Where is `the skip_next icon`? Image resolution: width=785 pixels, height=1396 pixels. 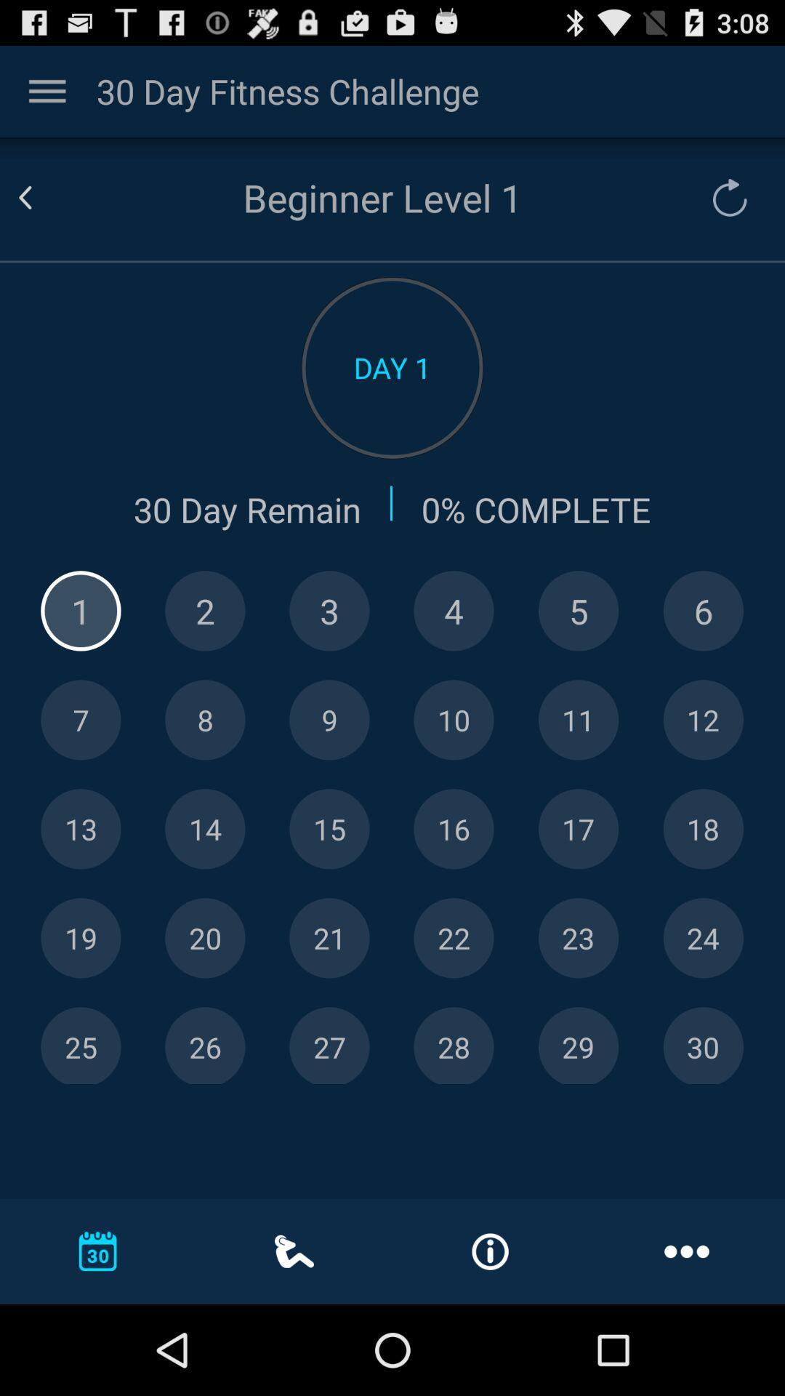
the skip_next icon is located at coordinates (205, 1003).